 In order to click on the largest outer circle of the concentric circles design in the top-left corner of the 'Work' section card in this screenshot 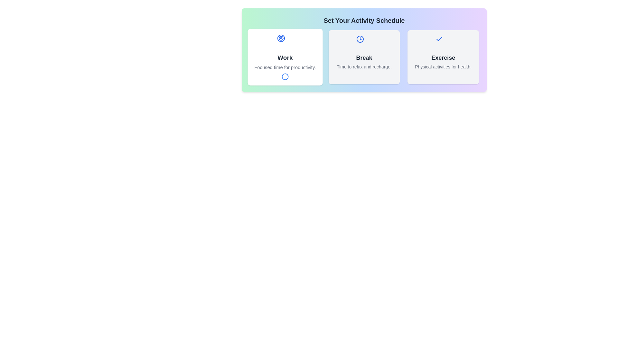, I will do `click(281, 38)`.